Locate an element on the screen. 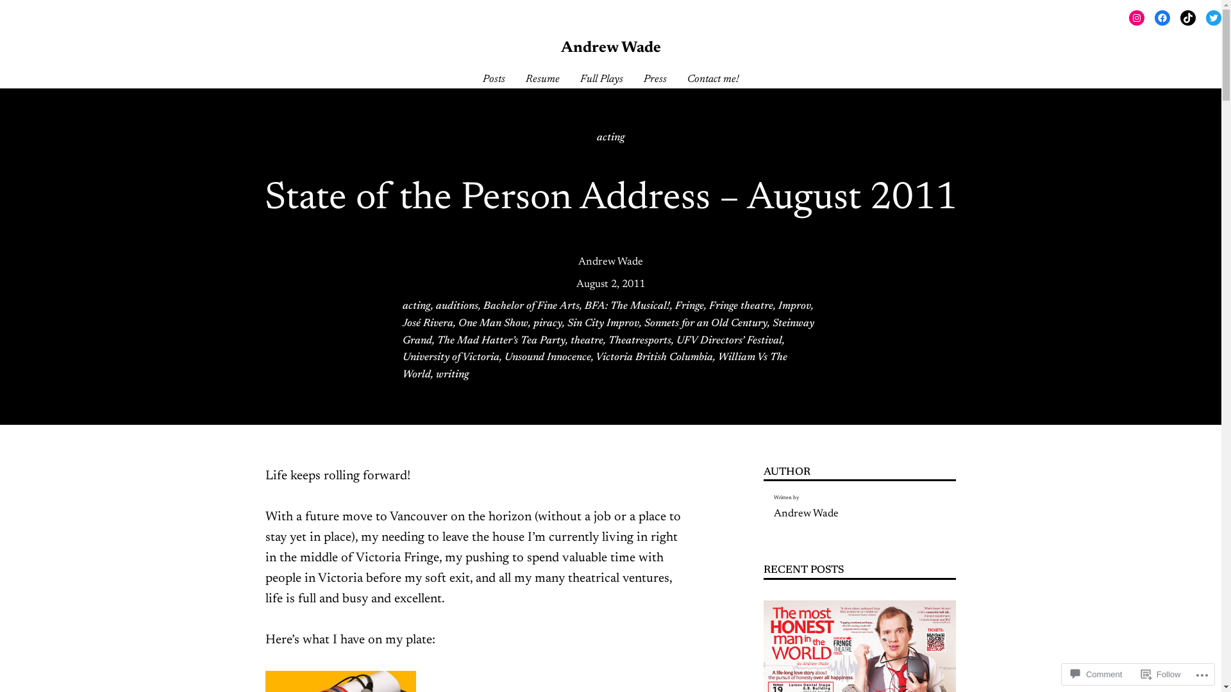  'One Man Show' is located at coordinates (492, 323).